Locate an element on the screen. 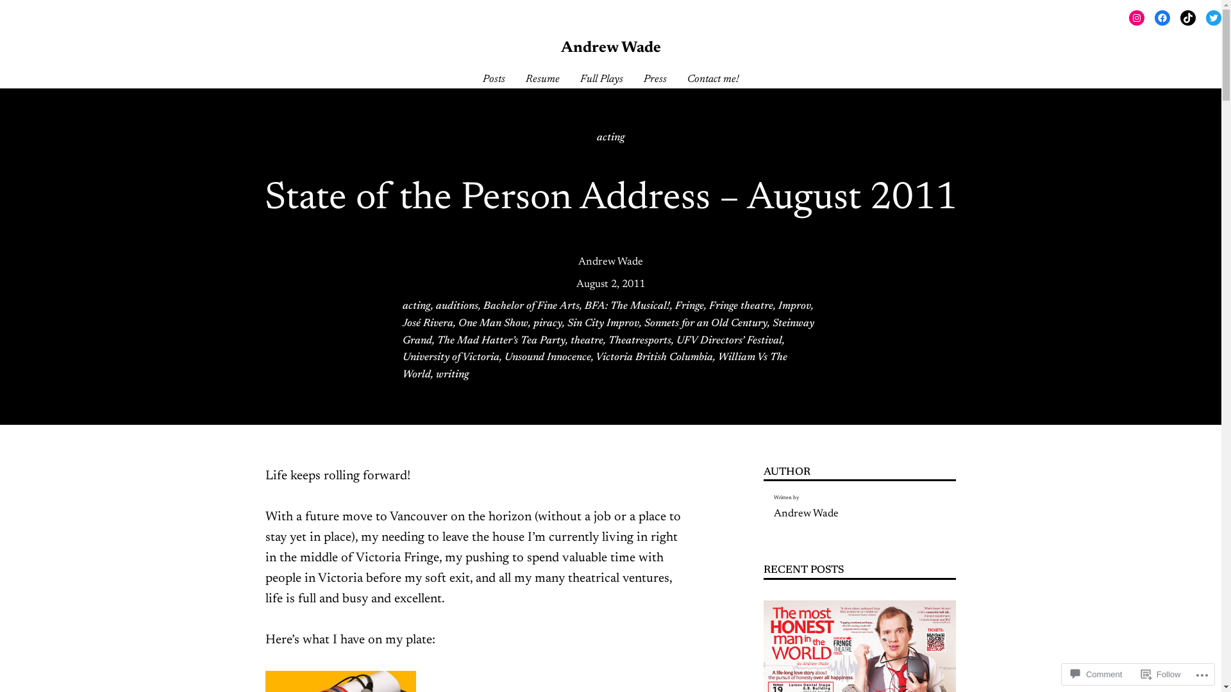  'One Man Show' is located at coordinates (492, 323).